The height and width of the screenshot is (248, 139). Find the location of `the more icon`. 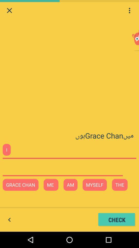

the more icon is located at coordinates (129, 11).